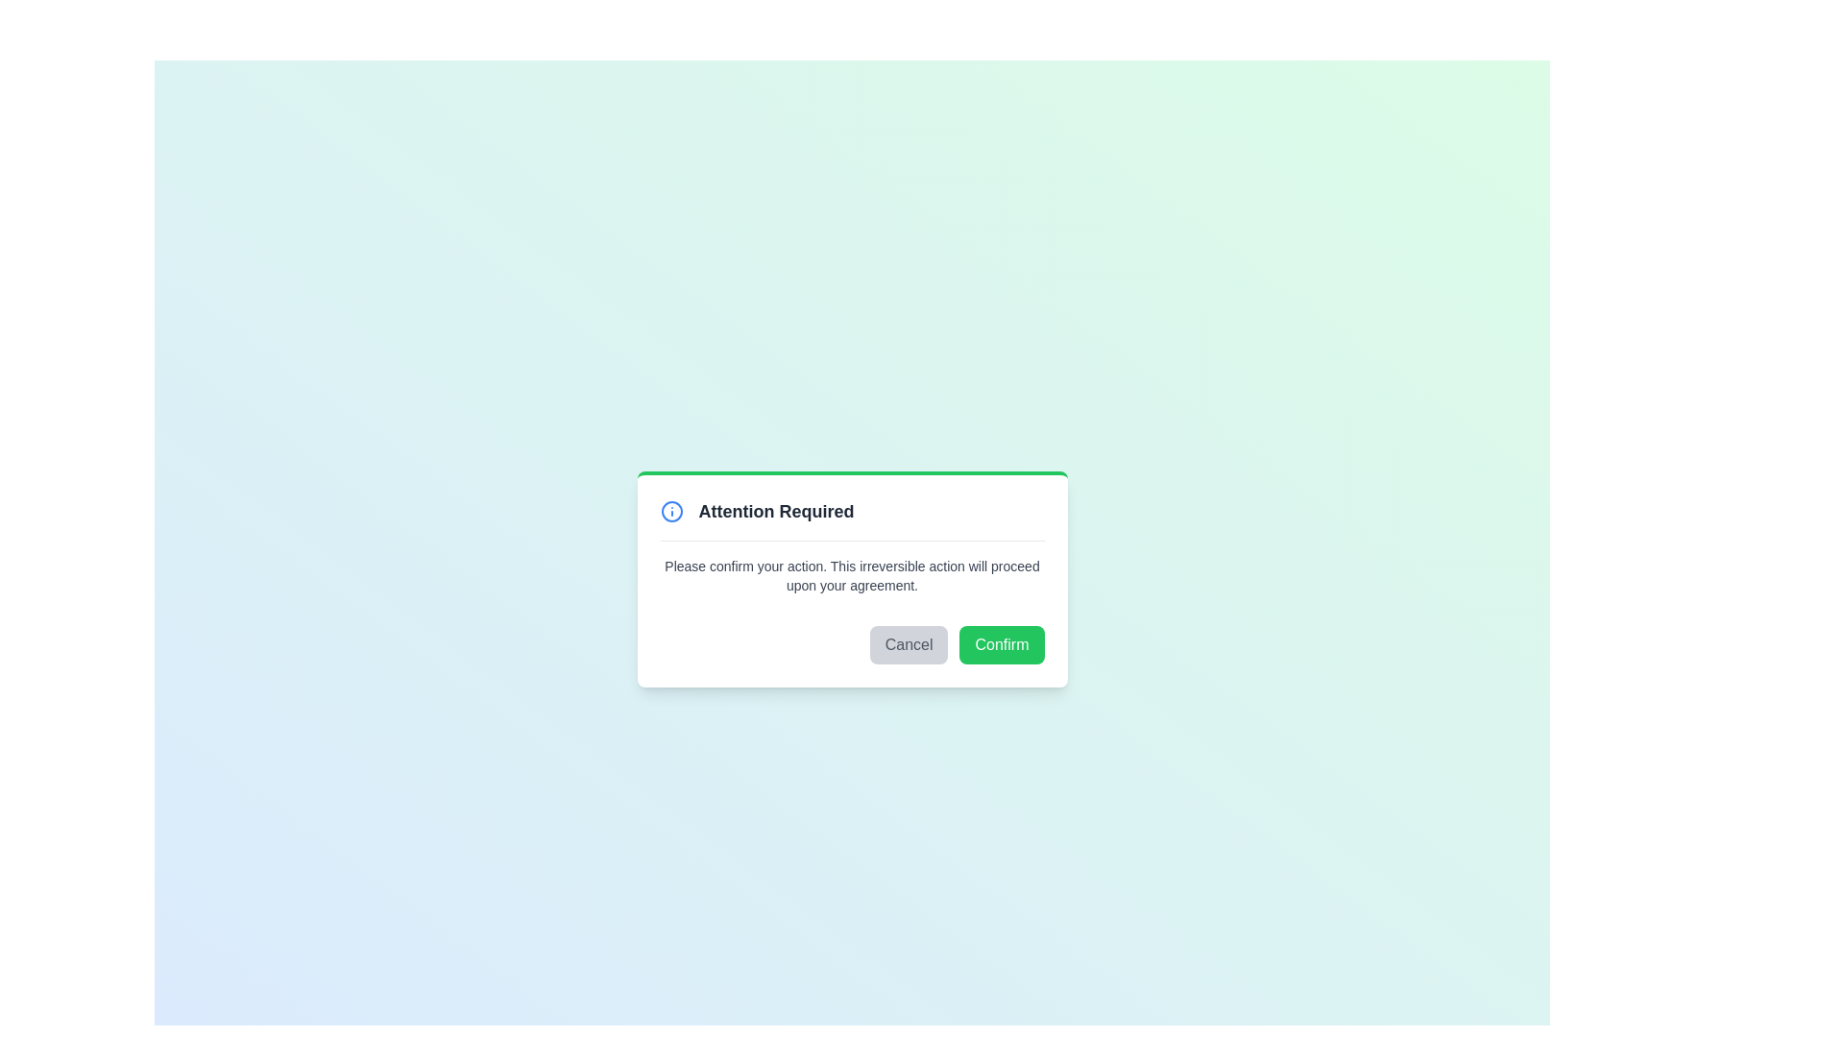 The height and width of the screenshot is (1037, 1844). Describe the element at coordinates (908, 644) in the screenshot. I see `the 'Cancel' button with a gray background and dark gray text located at the bottom-right corner of the confirmation dialog` at that location.